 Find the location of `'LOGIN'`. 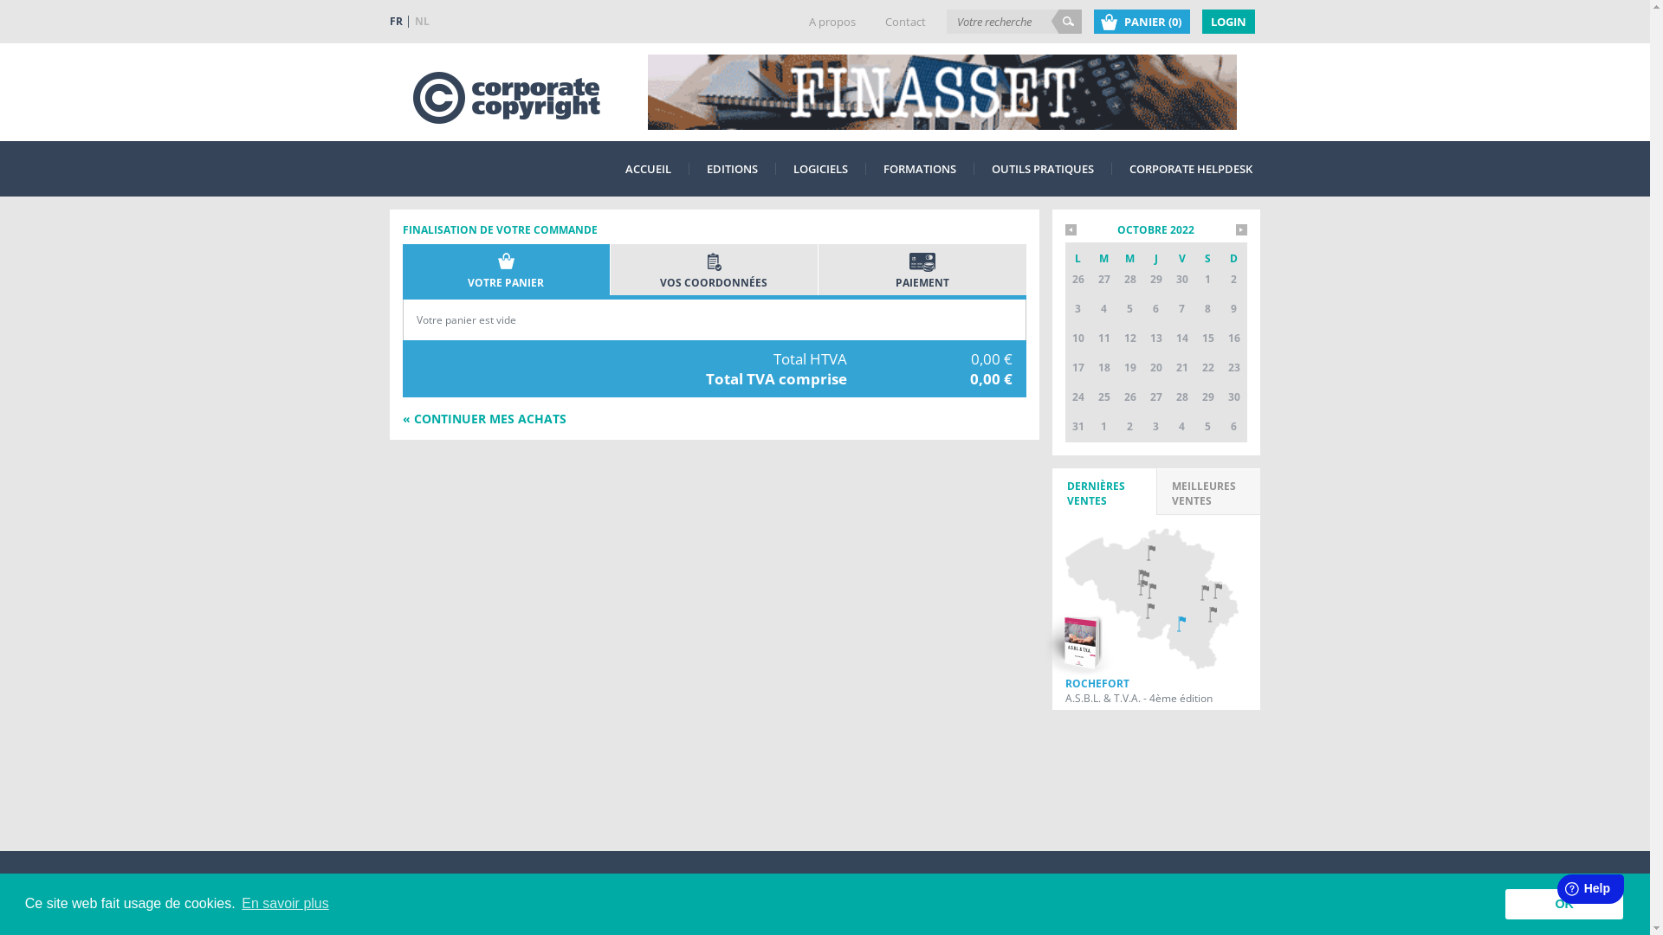

'LOGIN' is located at coordinates (1200, 21).